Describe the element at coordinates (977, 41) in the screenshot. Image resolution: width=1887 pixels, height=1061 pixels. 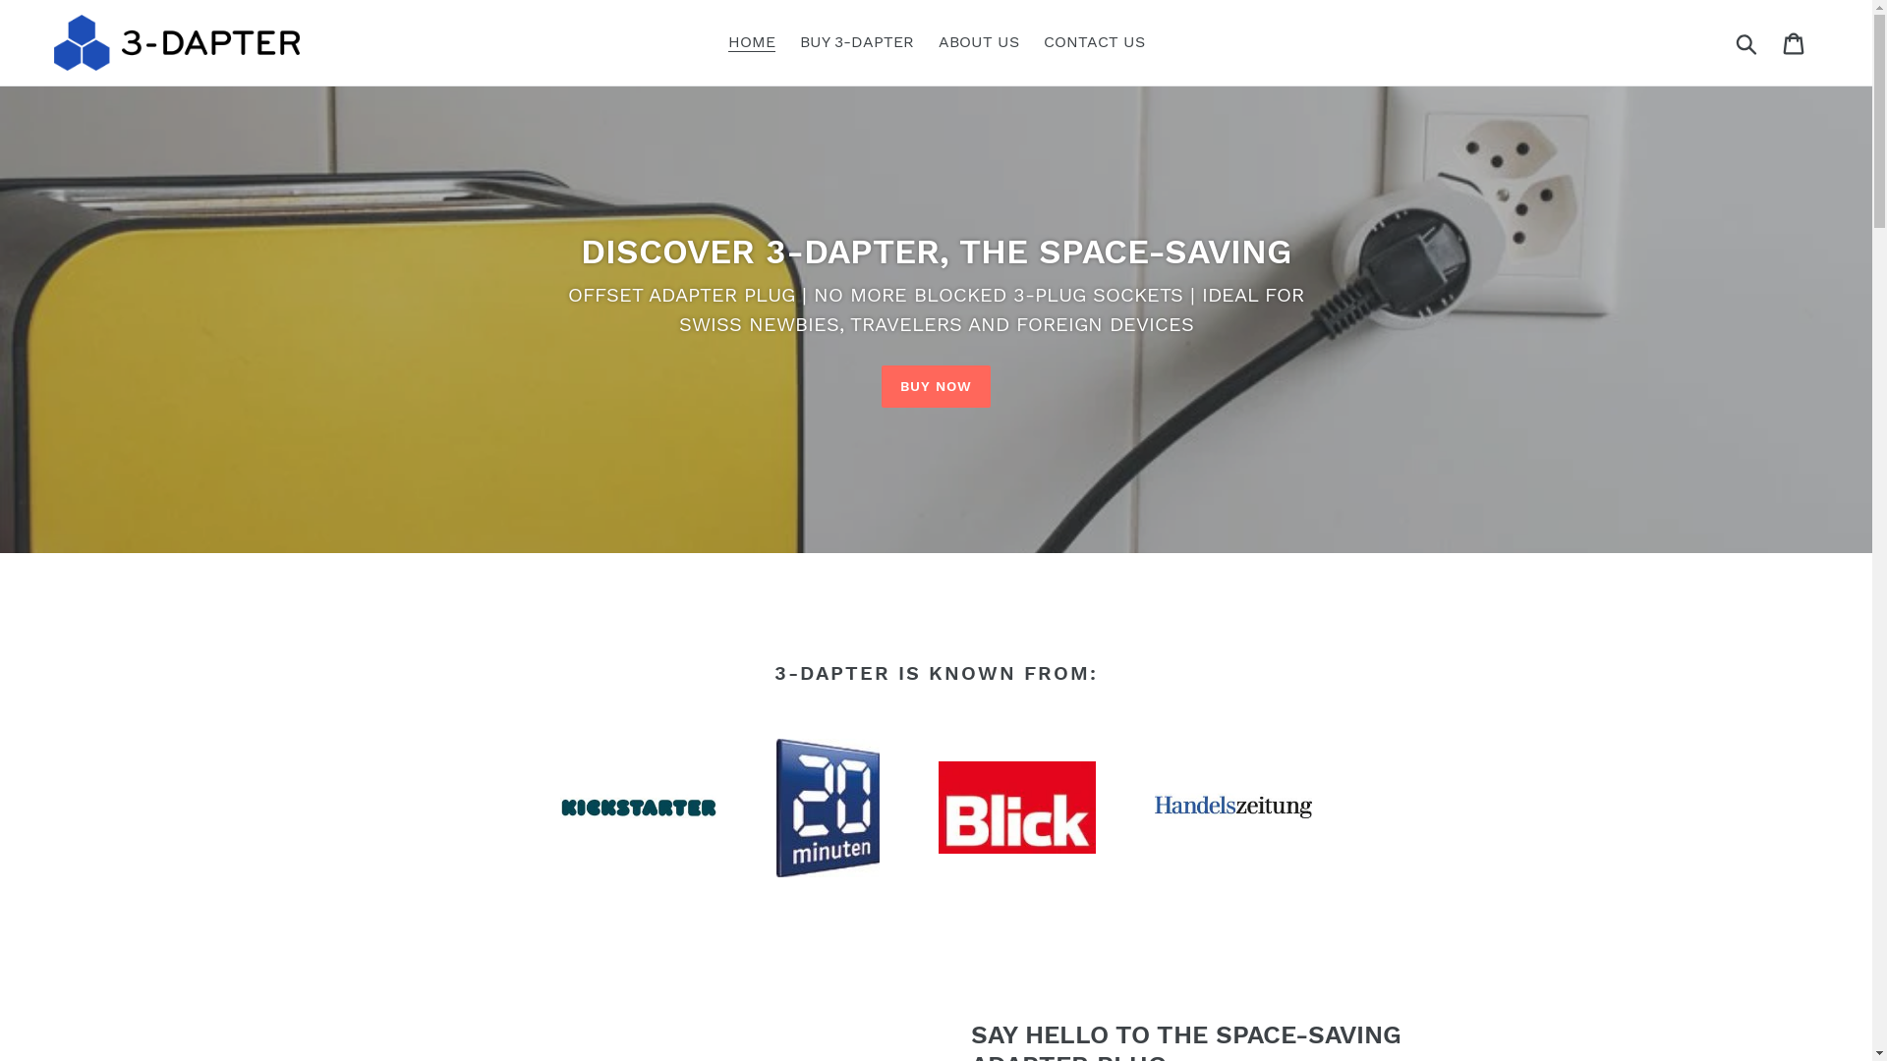
I see `'ABOUT US'` at that location.